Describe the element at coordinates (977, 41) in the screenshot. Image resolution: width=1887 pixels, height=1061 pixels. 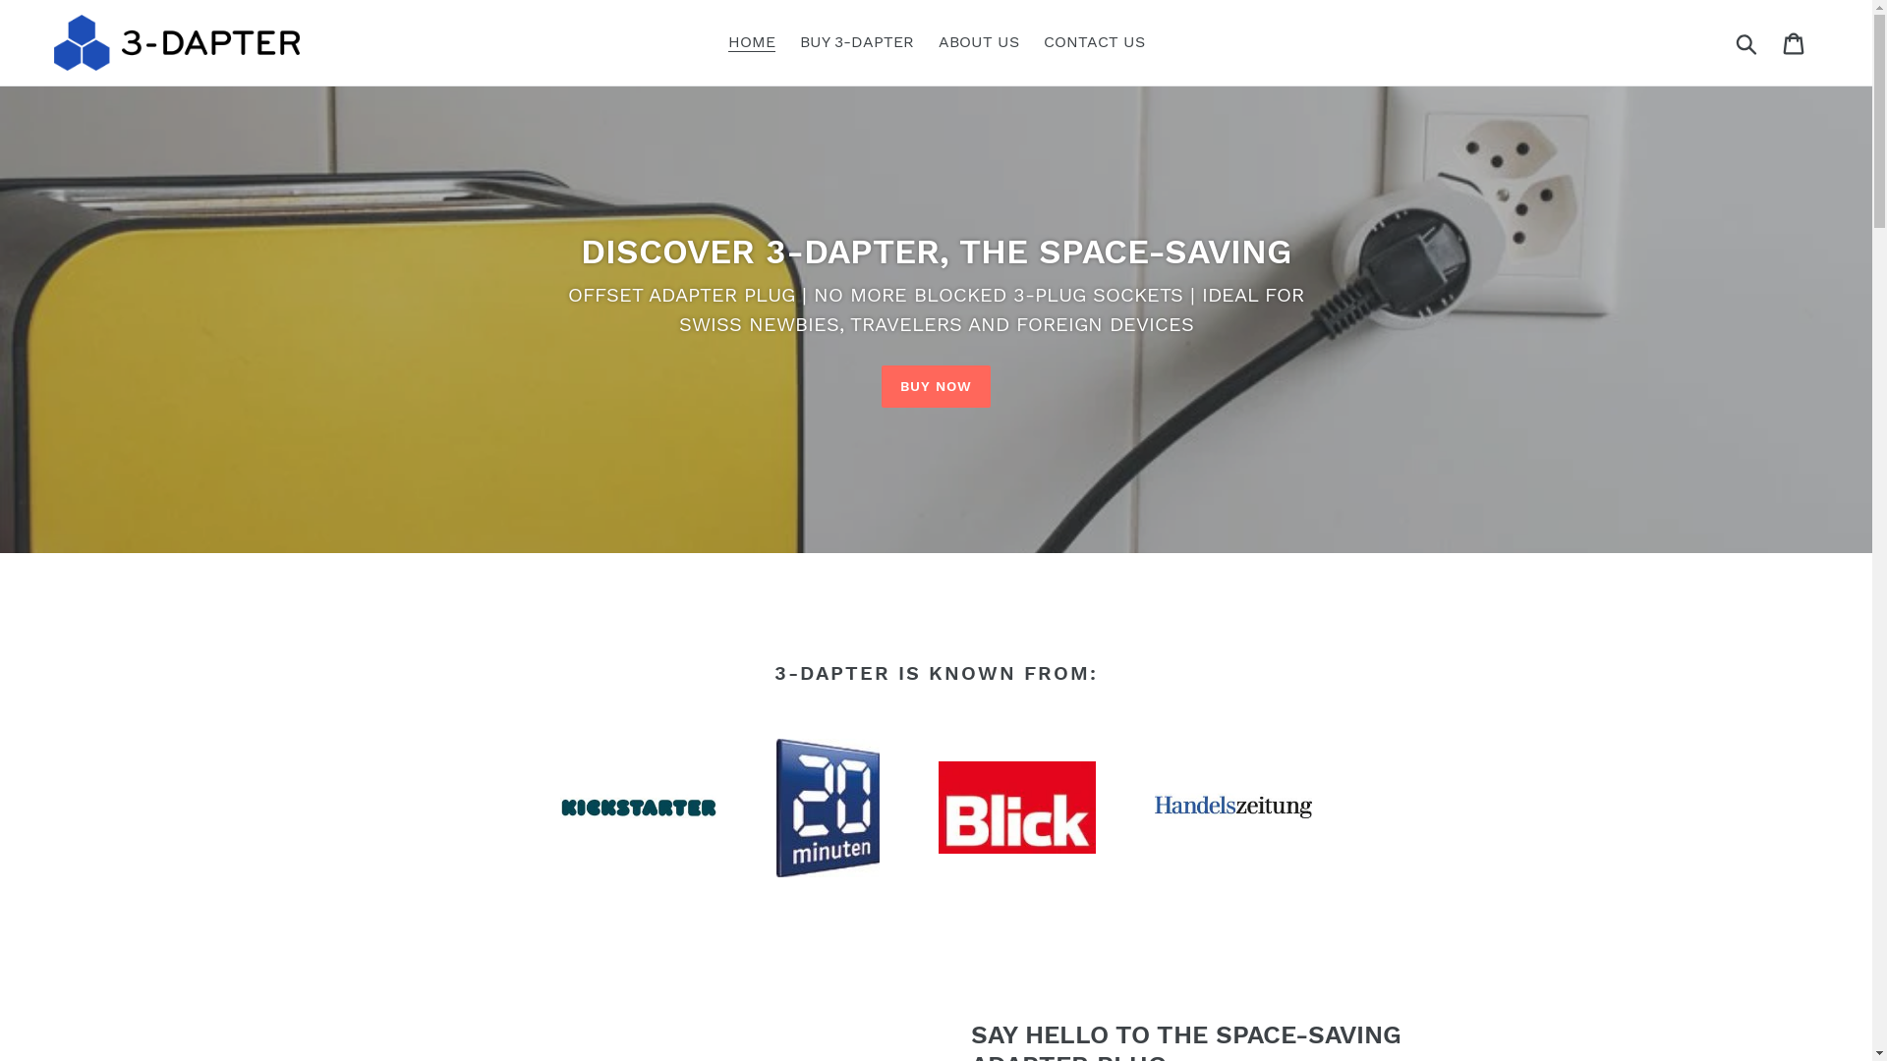
I see `'ABOUT US'` at that location.